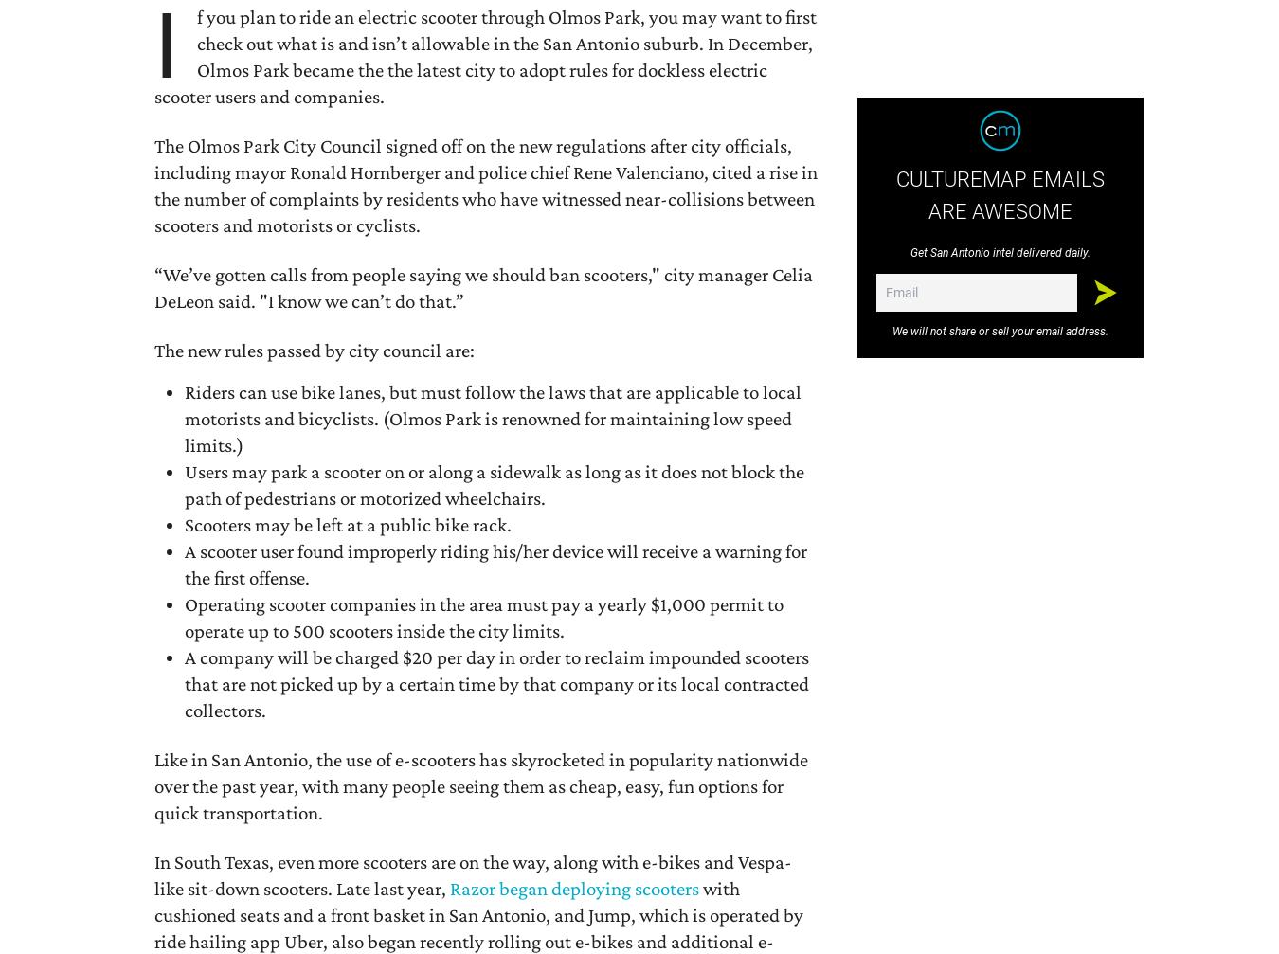 This screenshot has height=954, width=1279. I want to click on 'The new rules passed by city council are:', so click(313, 349).